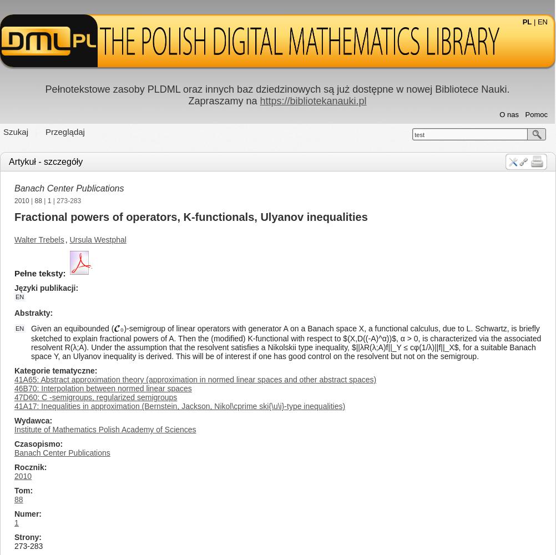  Describe the element at coordinates (53, 371) in the screenshot. I see `'Kategorie tematyczne'` at that location.